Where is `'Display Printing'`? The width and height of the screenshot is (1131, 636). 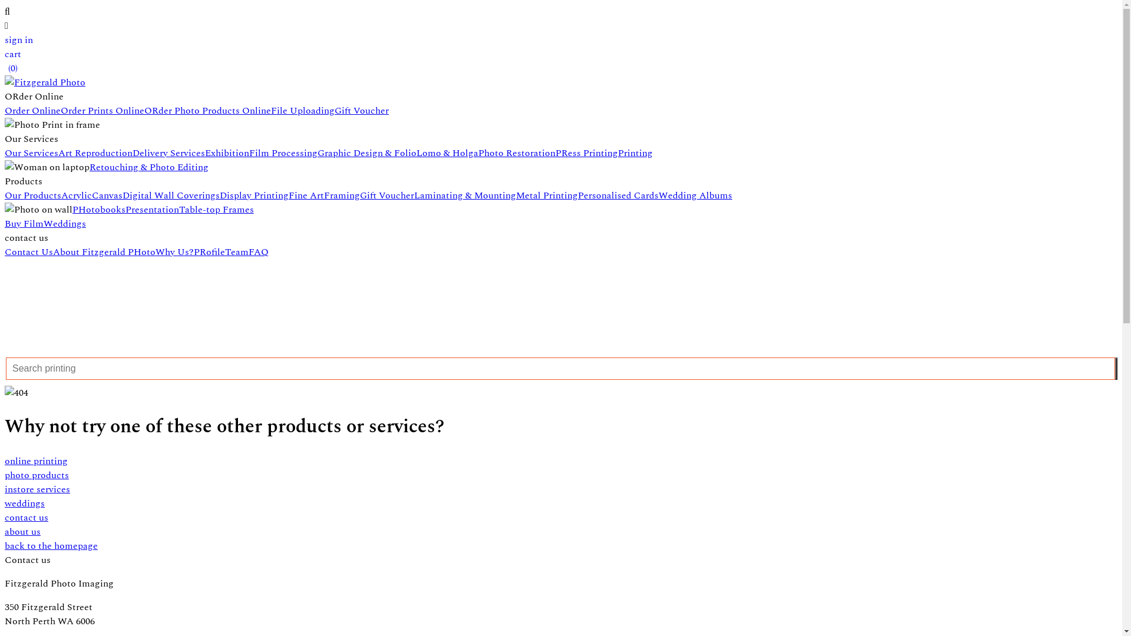 'Display Printing' is located at coordinates (220, 194).